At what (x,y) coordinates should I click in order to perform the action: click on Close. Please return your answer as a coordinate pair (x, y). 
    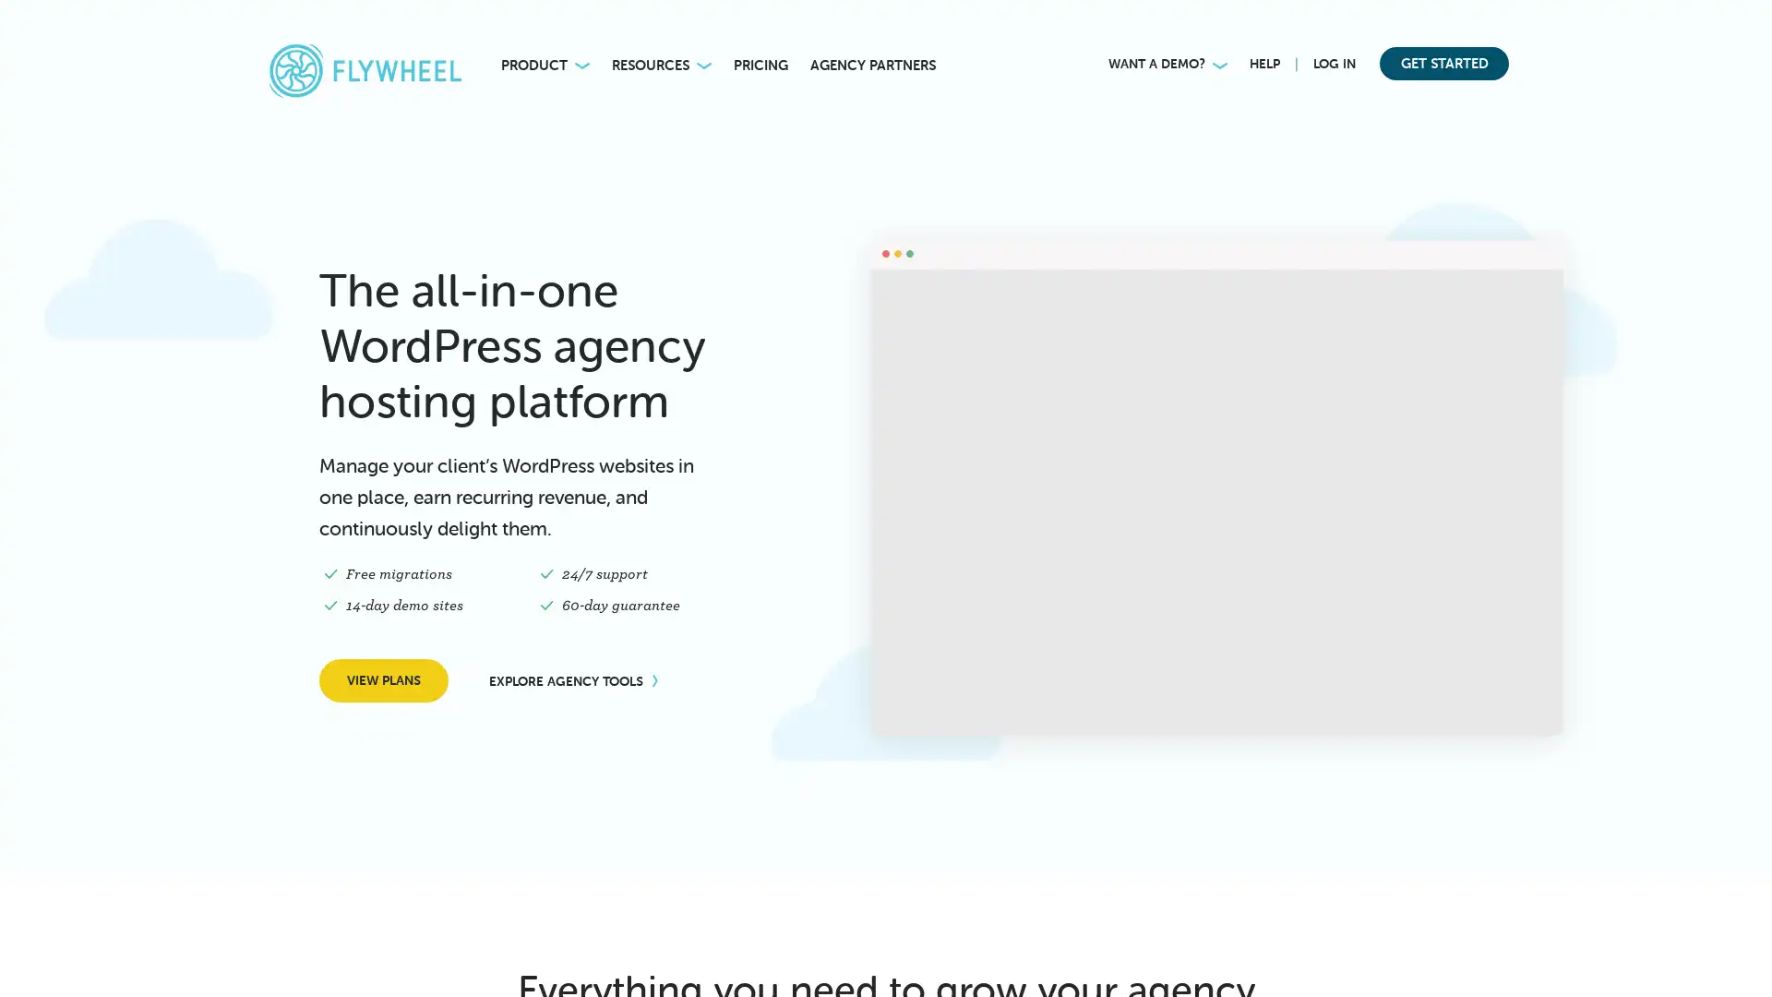
    Looking at the image, I should click on (444, 783).